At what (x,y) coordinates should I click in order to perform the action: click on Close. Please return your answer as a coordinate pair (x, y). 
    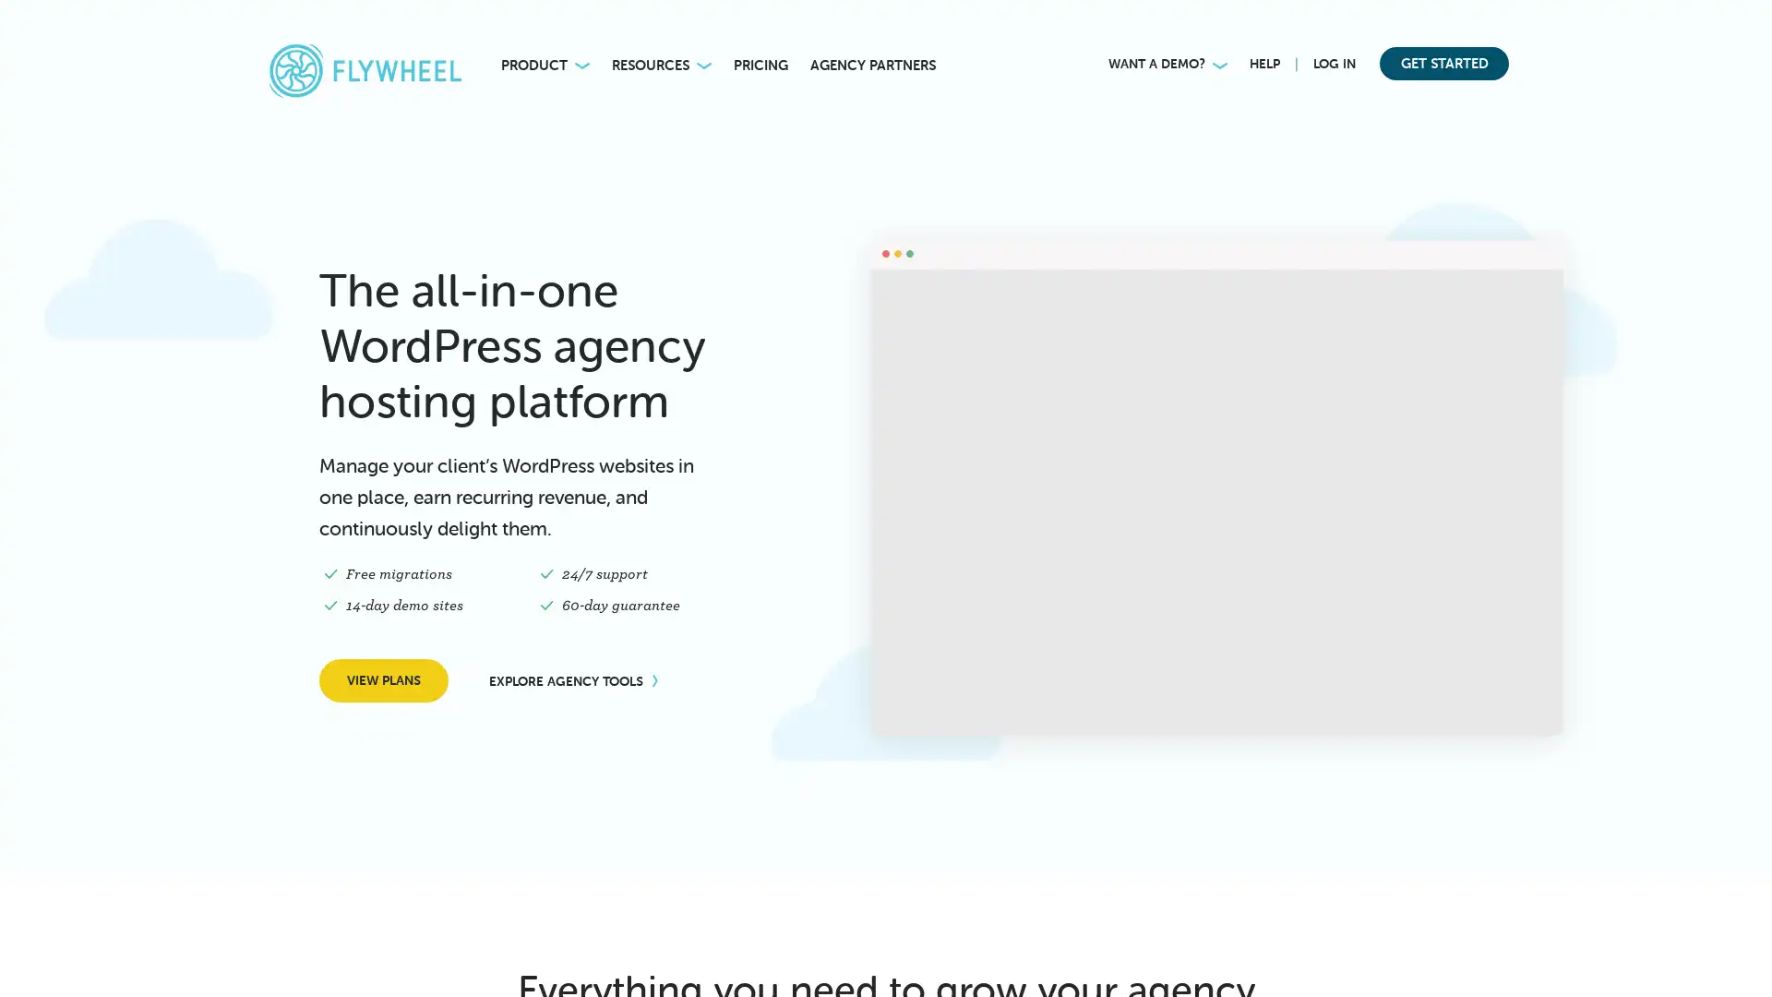
    Looking at the image, I should click on (444, 783).